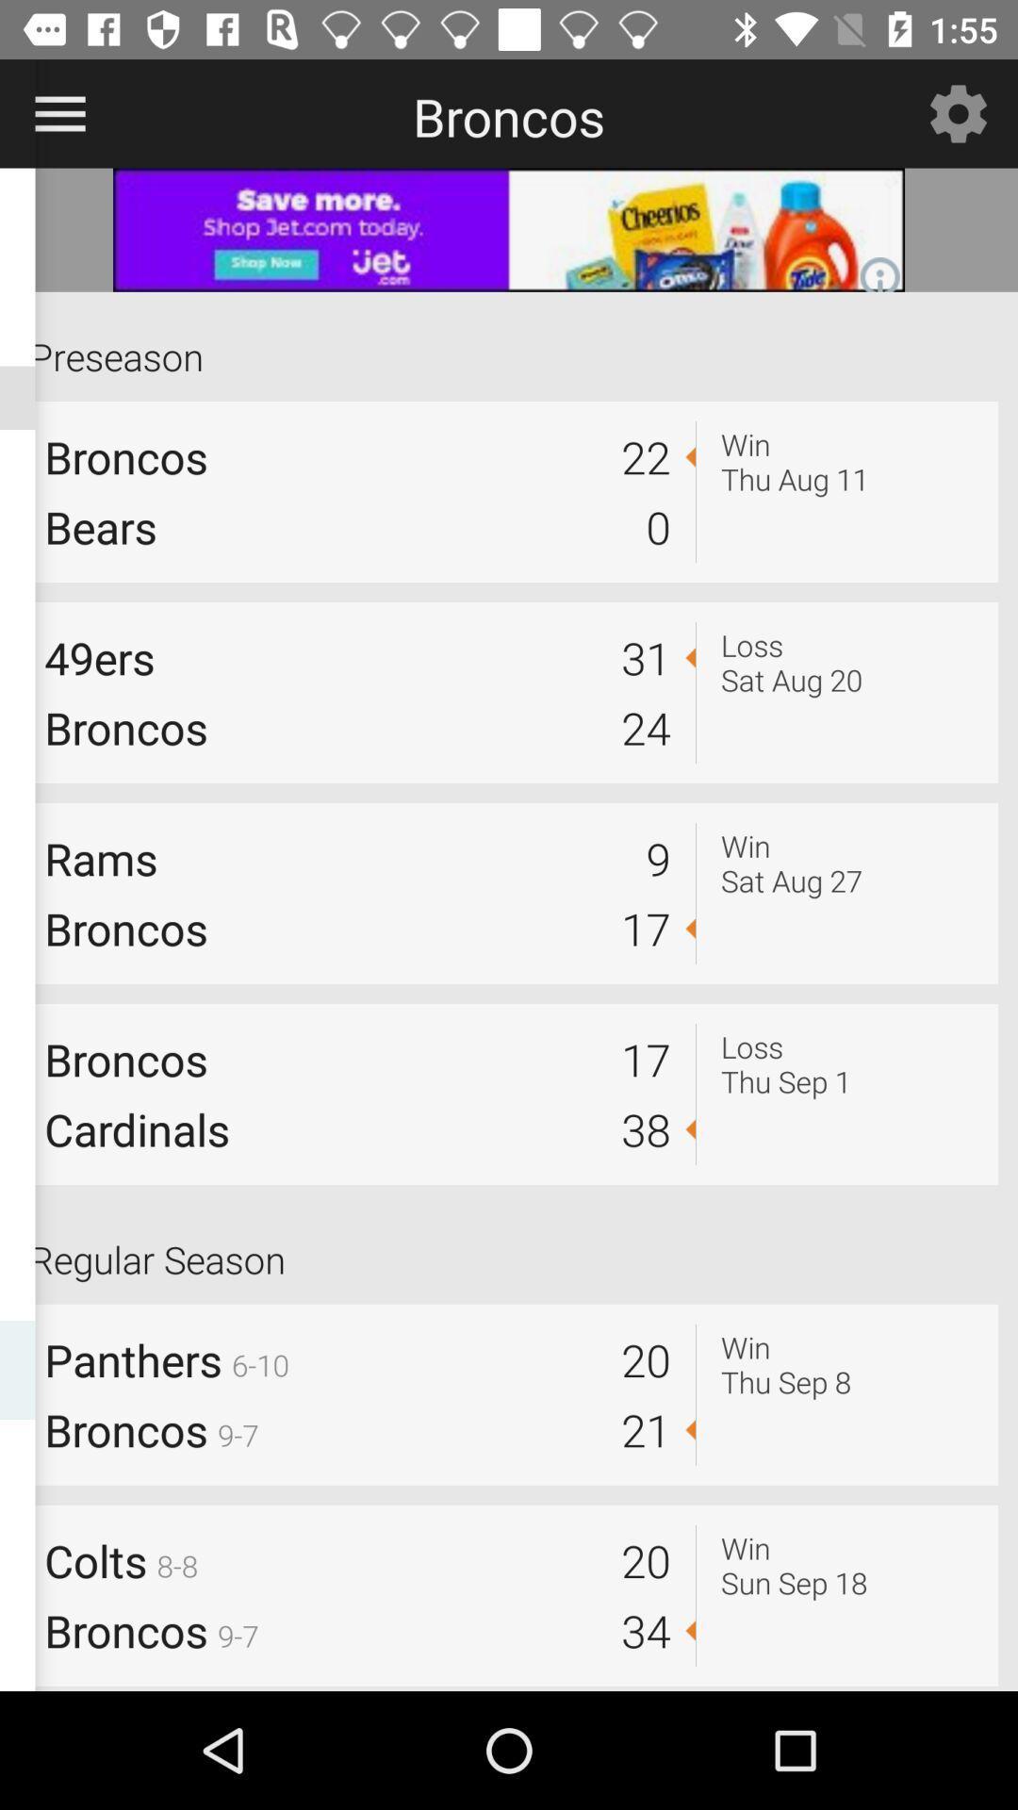  Describe the element at coordinates (509, 229) in the screenshot. I see `advertisement banner` at that location.